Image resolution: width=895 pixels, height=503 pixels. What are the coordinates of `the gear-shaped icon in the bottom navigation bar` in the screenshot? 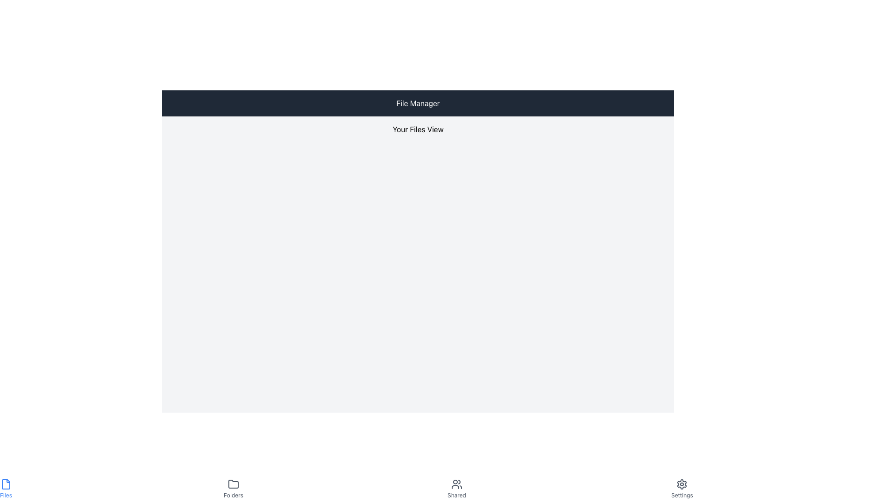 It's located at (682, 484).